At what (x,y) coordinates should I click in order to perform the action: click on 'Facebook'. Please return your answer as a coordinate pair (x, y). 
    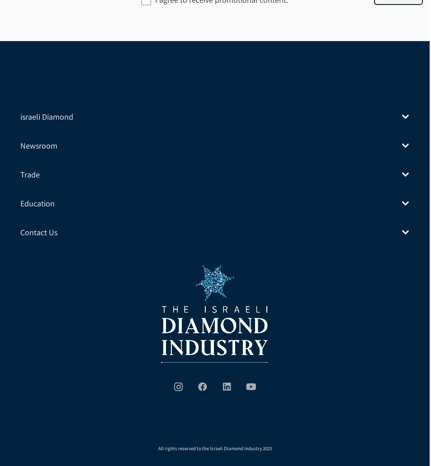
    Looking at the image, I should click on (202, 354).